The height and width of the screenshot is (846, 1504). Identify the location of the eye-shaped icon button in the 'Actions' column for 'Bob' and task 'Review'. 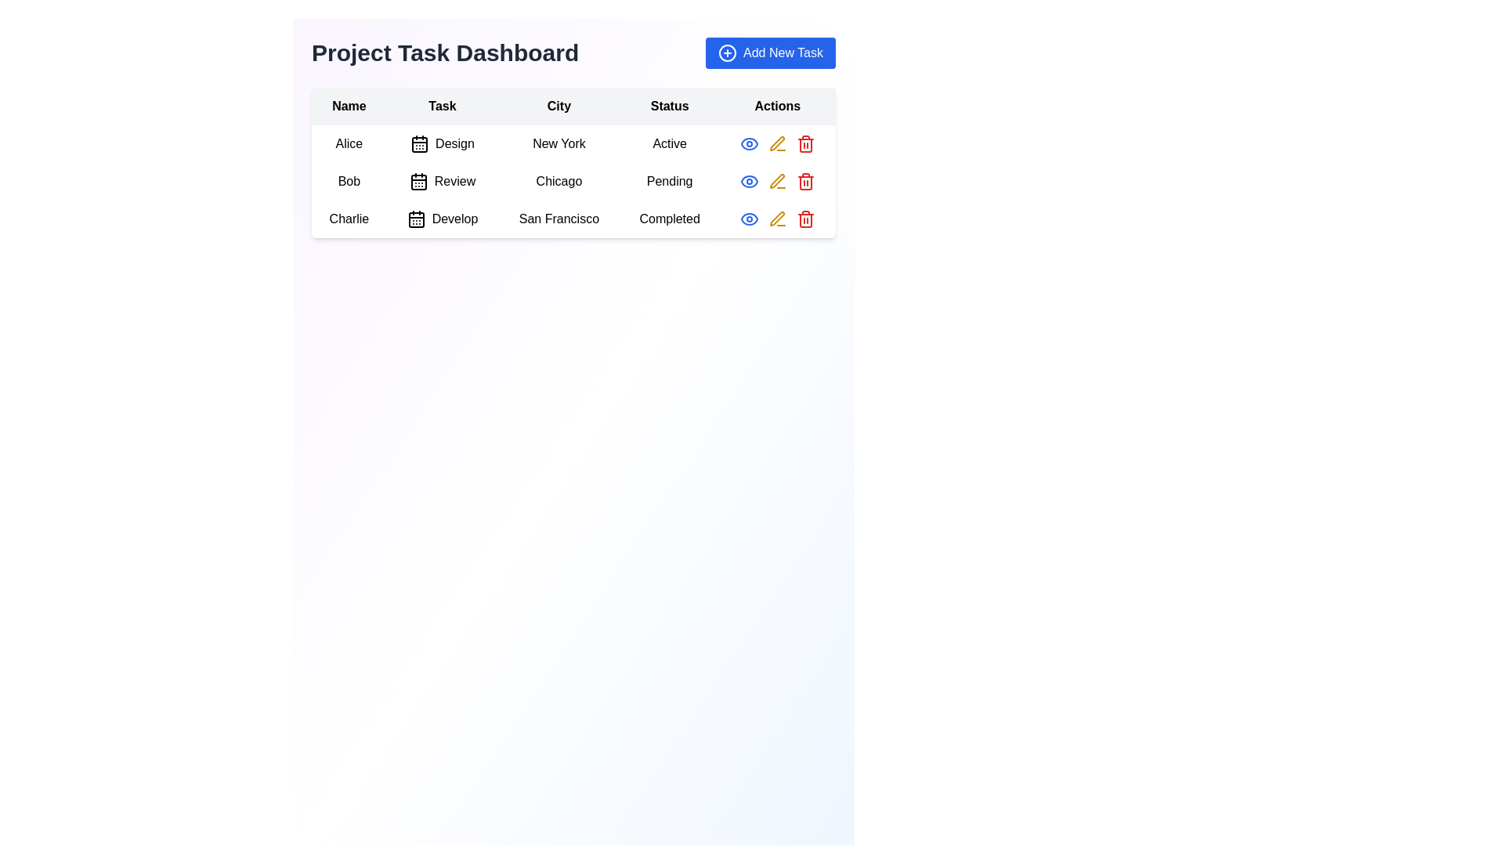
(748, 144).